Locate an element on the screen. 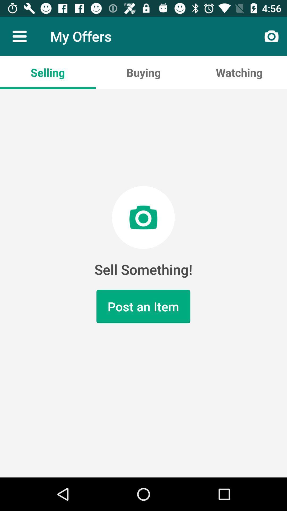  the app to the left of watching item is located at coordinates (143, 72).